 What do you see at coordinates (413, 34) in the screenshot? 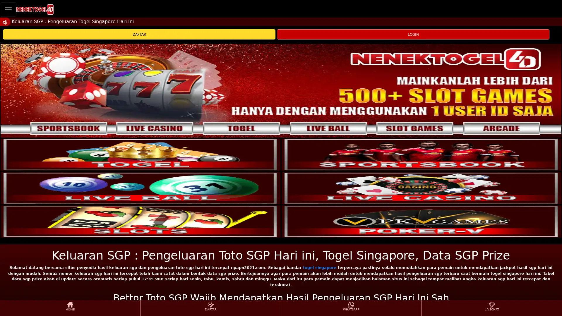
I see `LOGIN` at bounding box center [413, 34].